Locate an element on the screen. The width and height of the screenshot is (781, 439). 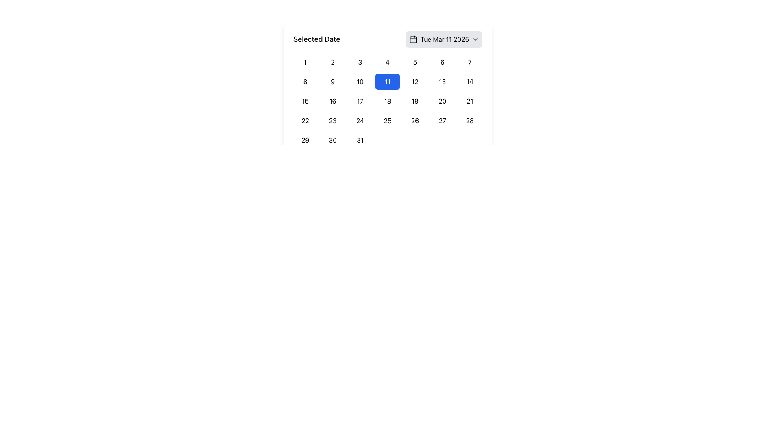
the selectable day button in the calendar grid located in the second row and seventh column is located at coordinates (470, 81).